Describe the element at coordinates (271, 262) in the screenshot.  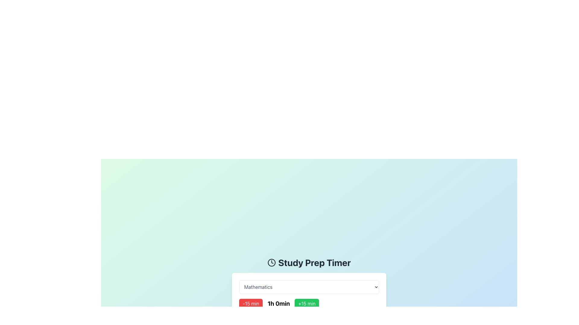
I see `the clock icon located to the left of the 'Study Prep Timer' text, which has a circular frame and two hands indicating time` at that location.